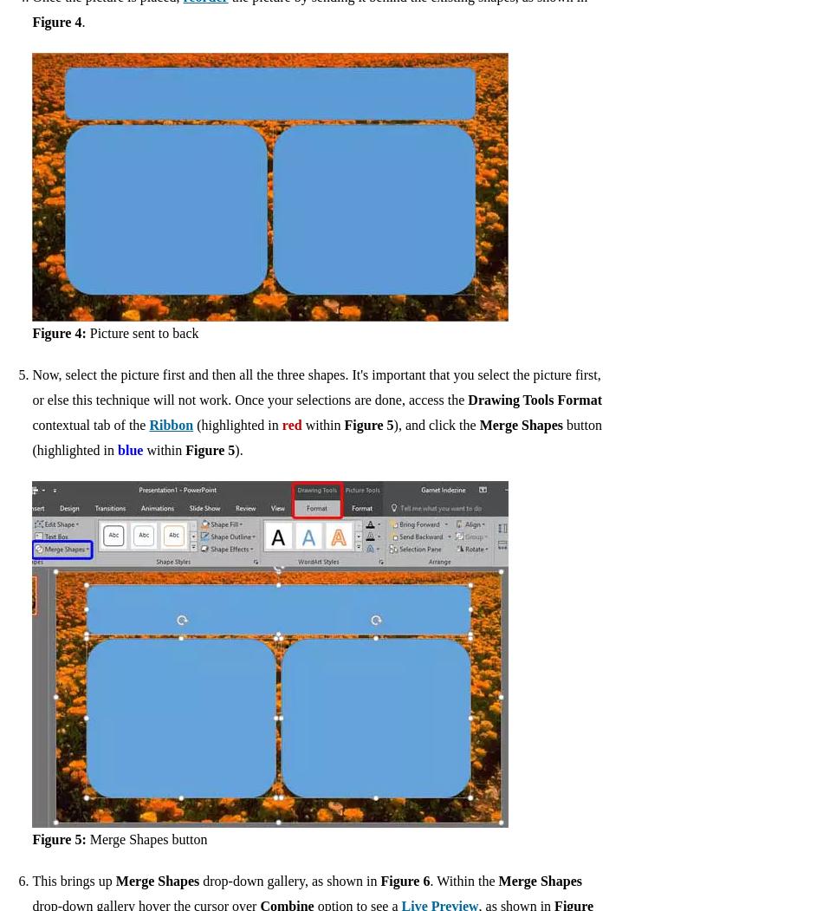  Describe the element at coordinates (74, 880) in the screenshot. I see `'This brings up'` at that location.